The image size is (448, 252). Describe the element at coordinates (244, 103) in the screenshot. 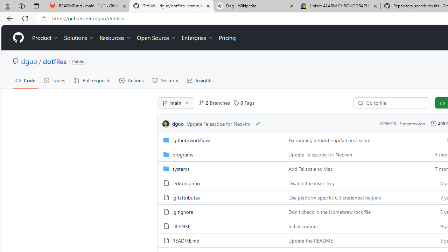

I see `'0 Tags'` at that location.